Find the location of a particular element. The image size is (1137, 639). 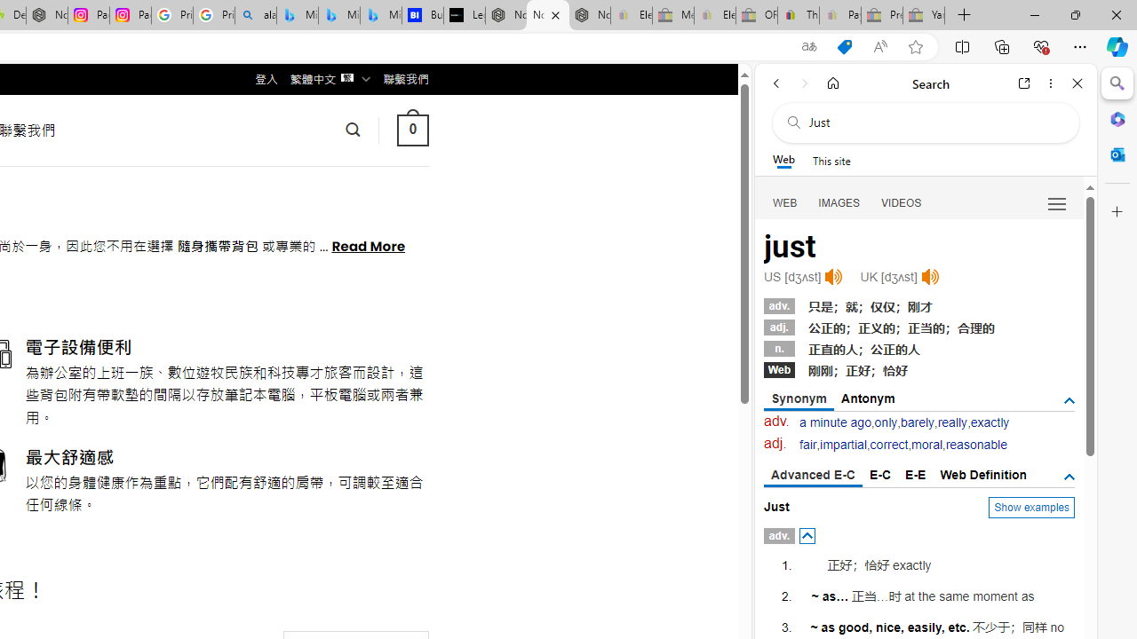

'Microsoft Bing Travel - Shangri-La Hotel Bangkok' is located at coordinates (379, 15).